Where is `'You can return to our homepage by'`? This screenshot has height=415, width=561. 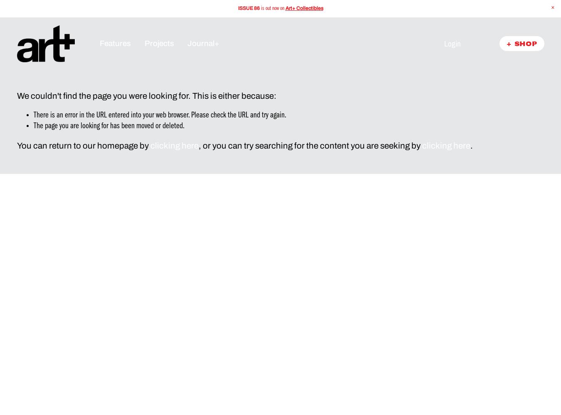
'You can return to our homepage by' is located at coordinates (83, 145).